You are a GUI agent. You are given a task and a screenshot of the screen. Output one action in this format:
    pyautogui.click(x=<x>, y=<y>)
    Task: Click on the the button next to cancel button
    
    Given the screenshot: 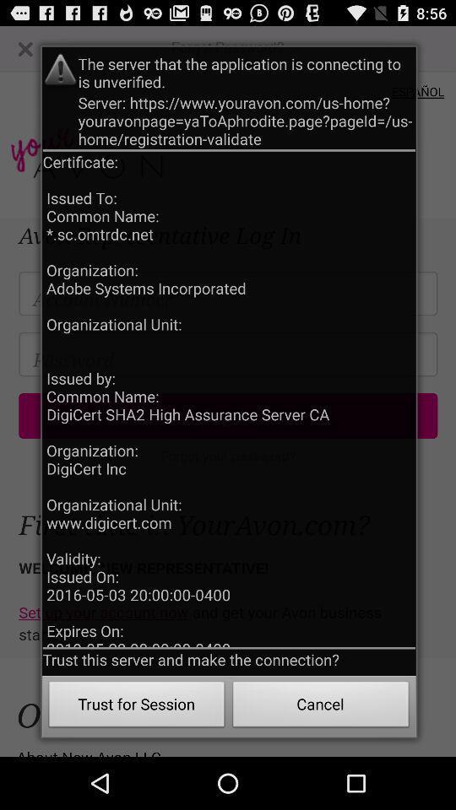 What is the action you would take?
    pyautogui.click(x=136, y=706)
    